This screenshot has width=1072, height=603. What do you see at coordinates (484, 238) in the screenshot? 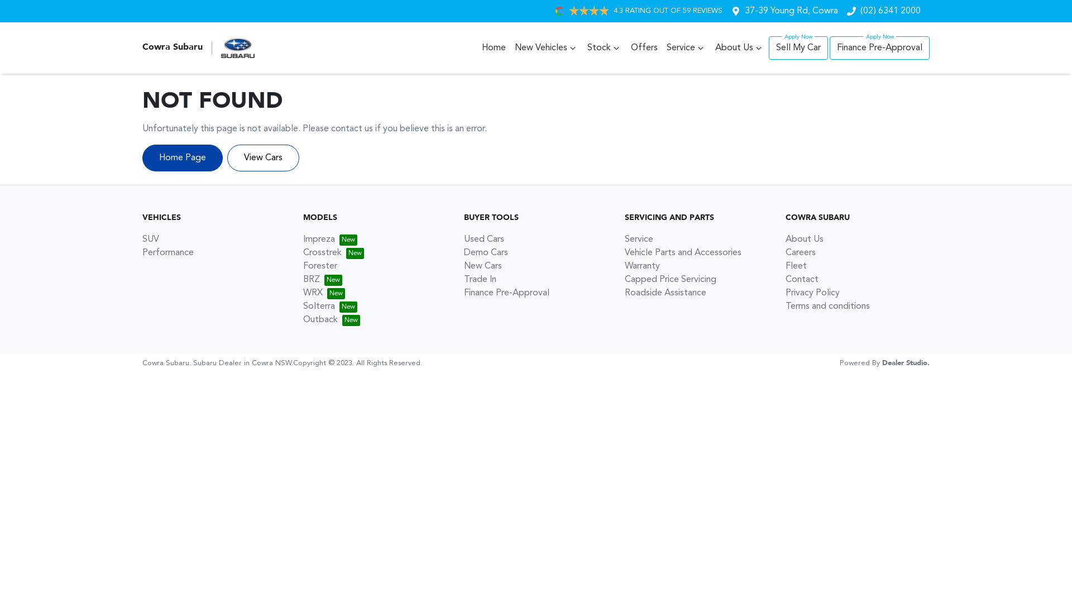
I see `'Used Cars'` at bounding box center [484, 238].